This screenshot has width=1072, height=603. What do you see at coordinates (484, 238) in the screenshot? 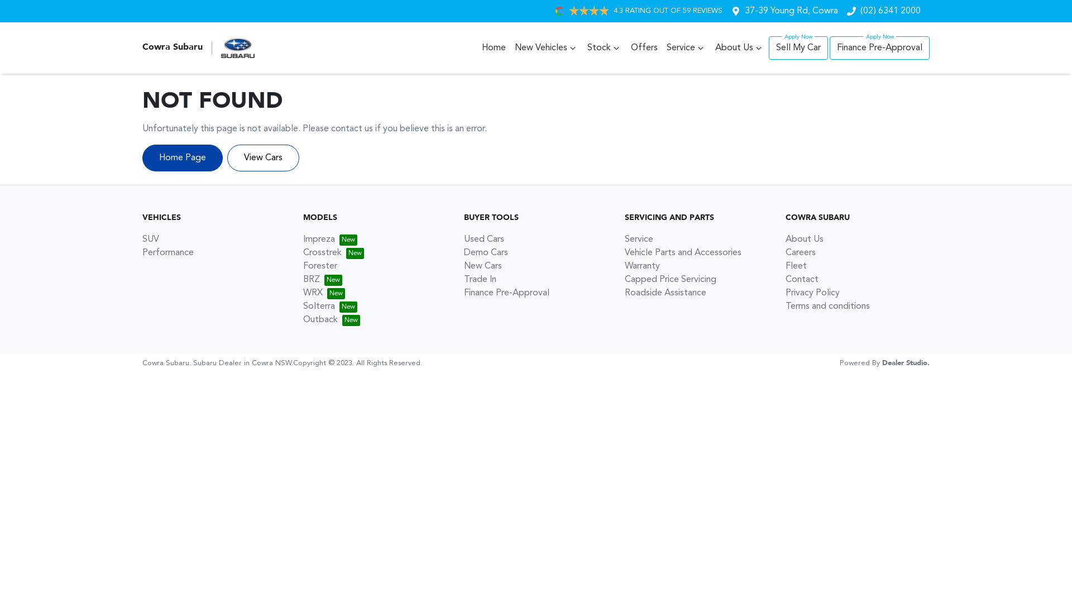
I see `'Used Cars'` at bounding box center [484, 238].